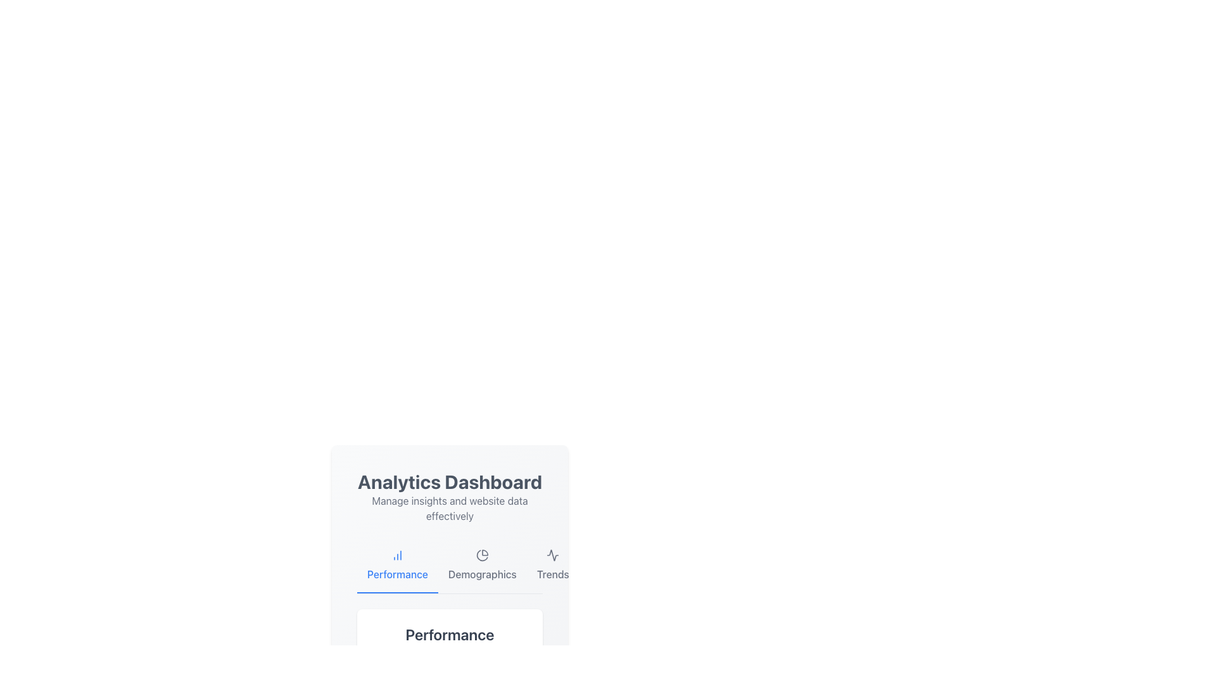 The image size is (1216, 684). Describe the element at coordinates (481, 566) in the screenshot. I see `the navigation button for demographic data, which is located between the 'Performance' section and the 'Trends' section` at that location.